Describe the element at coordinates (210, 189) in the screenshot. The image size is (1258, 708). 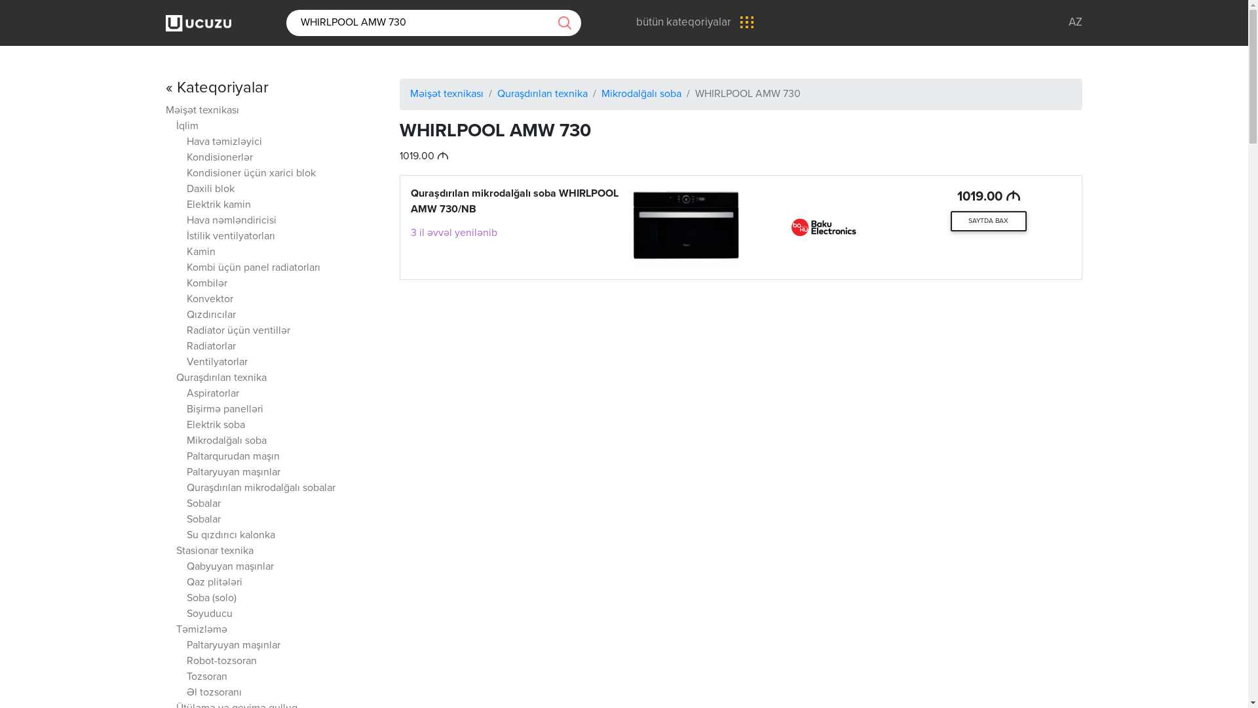
I see `'Daxili blok'` at that location.